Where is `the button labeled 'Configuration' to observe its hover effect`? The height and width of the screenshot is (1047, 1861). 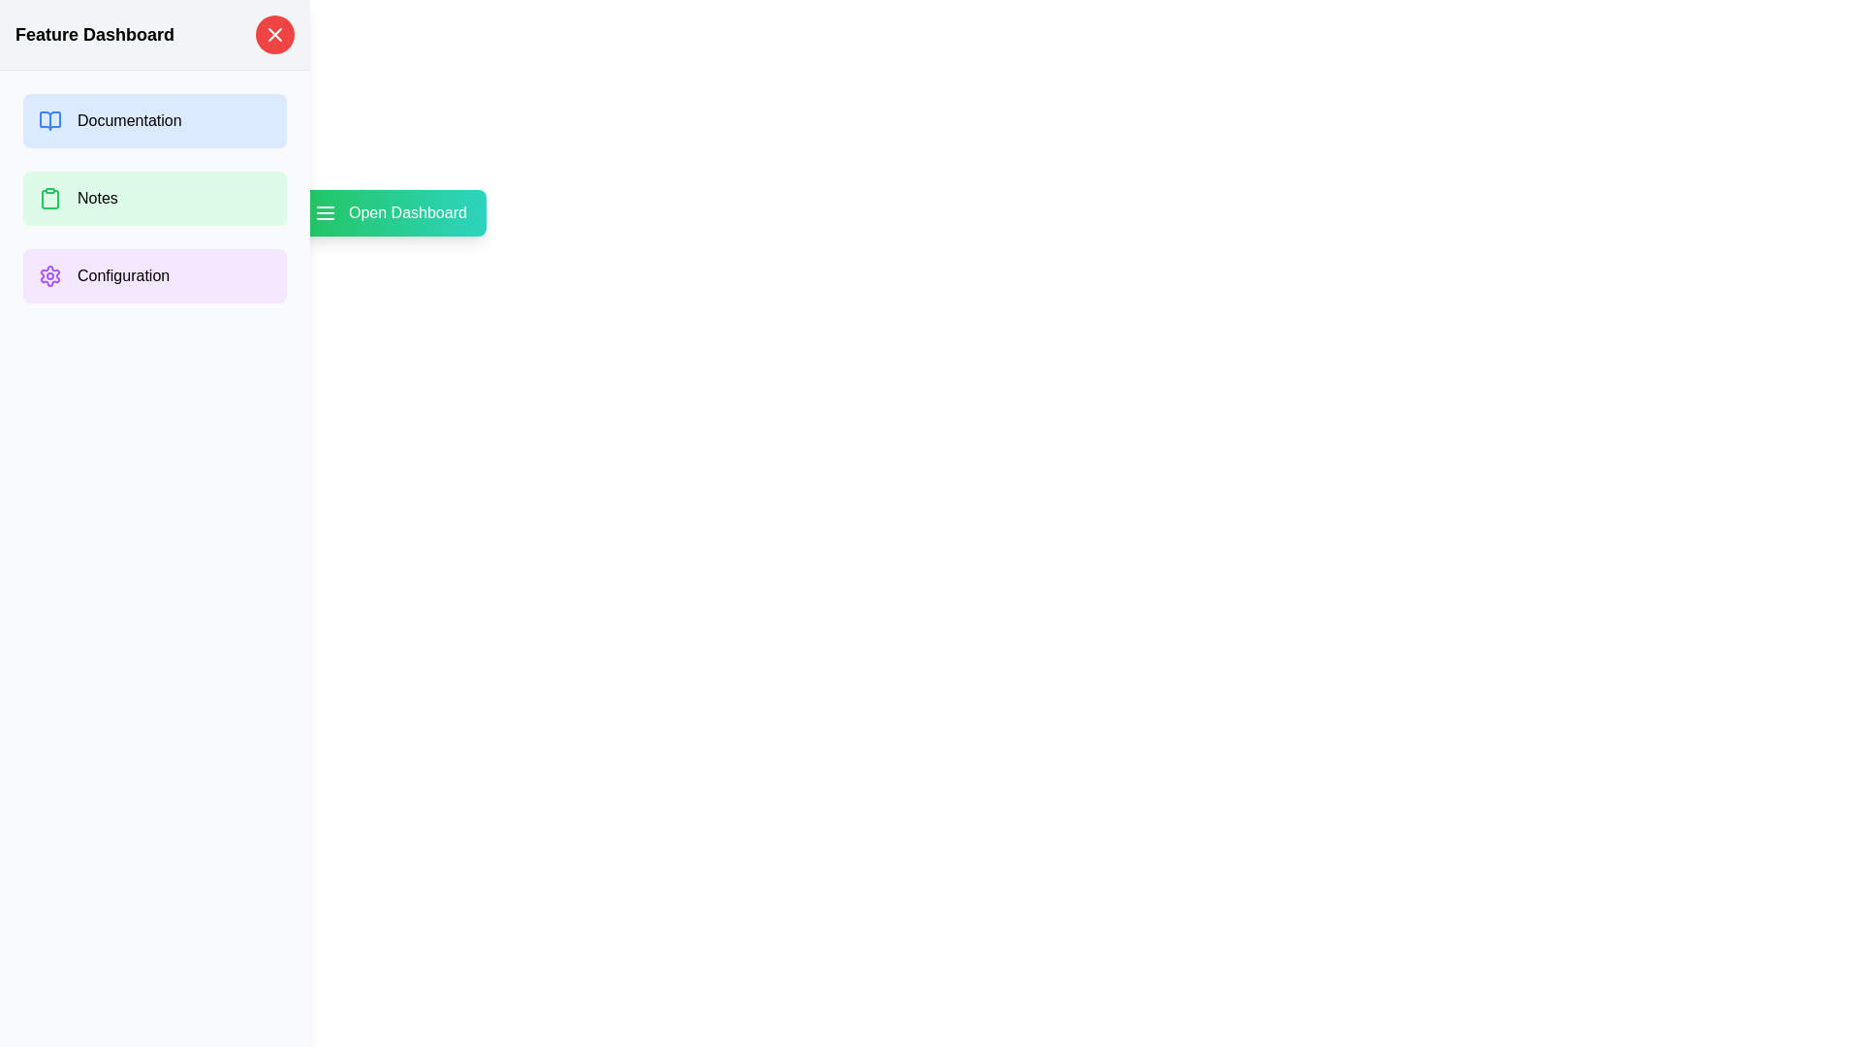
the button labeled 'Configuration' to observe its hover effect is located at coordinates (153, 276).